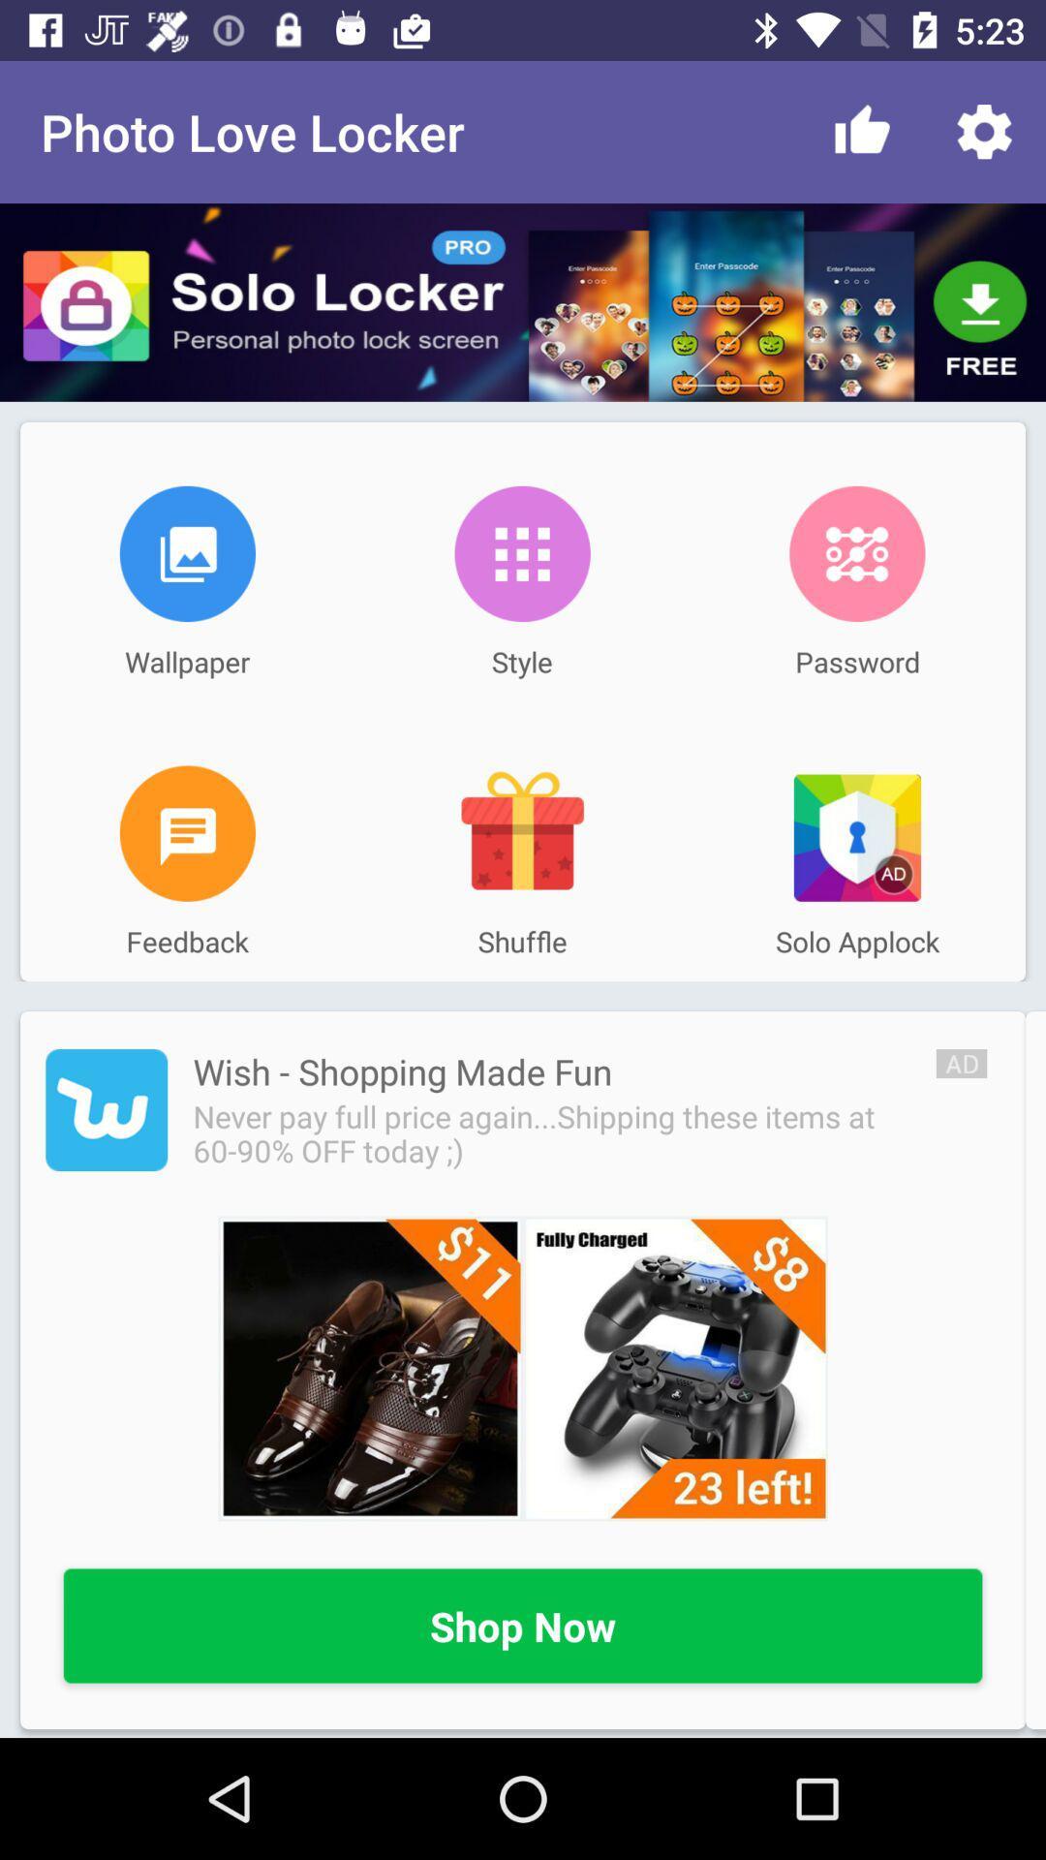 The height and width of the screenshot is (1860, 1046). What do you see at coordinates (187, 552) in the screenshot?
I see `change wallpaper` at bounding box center [187, 552].